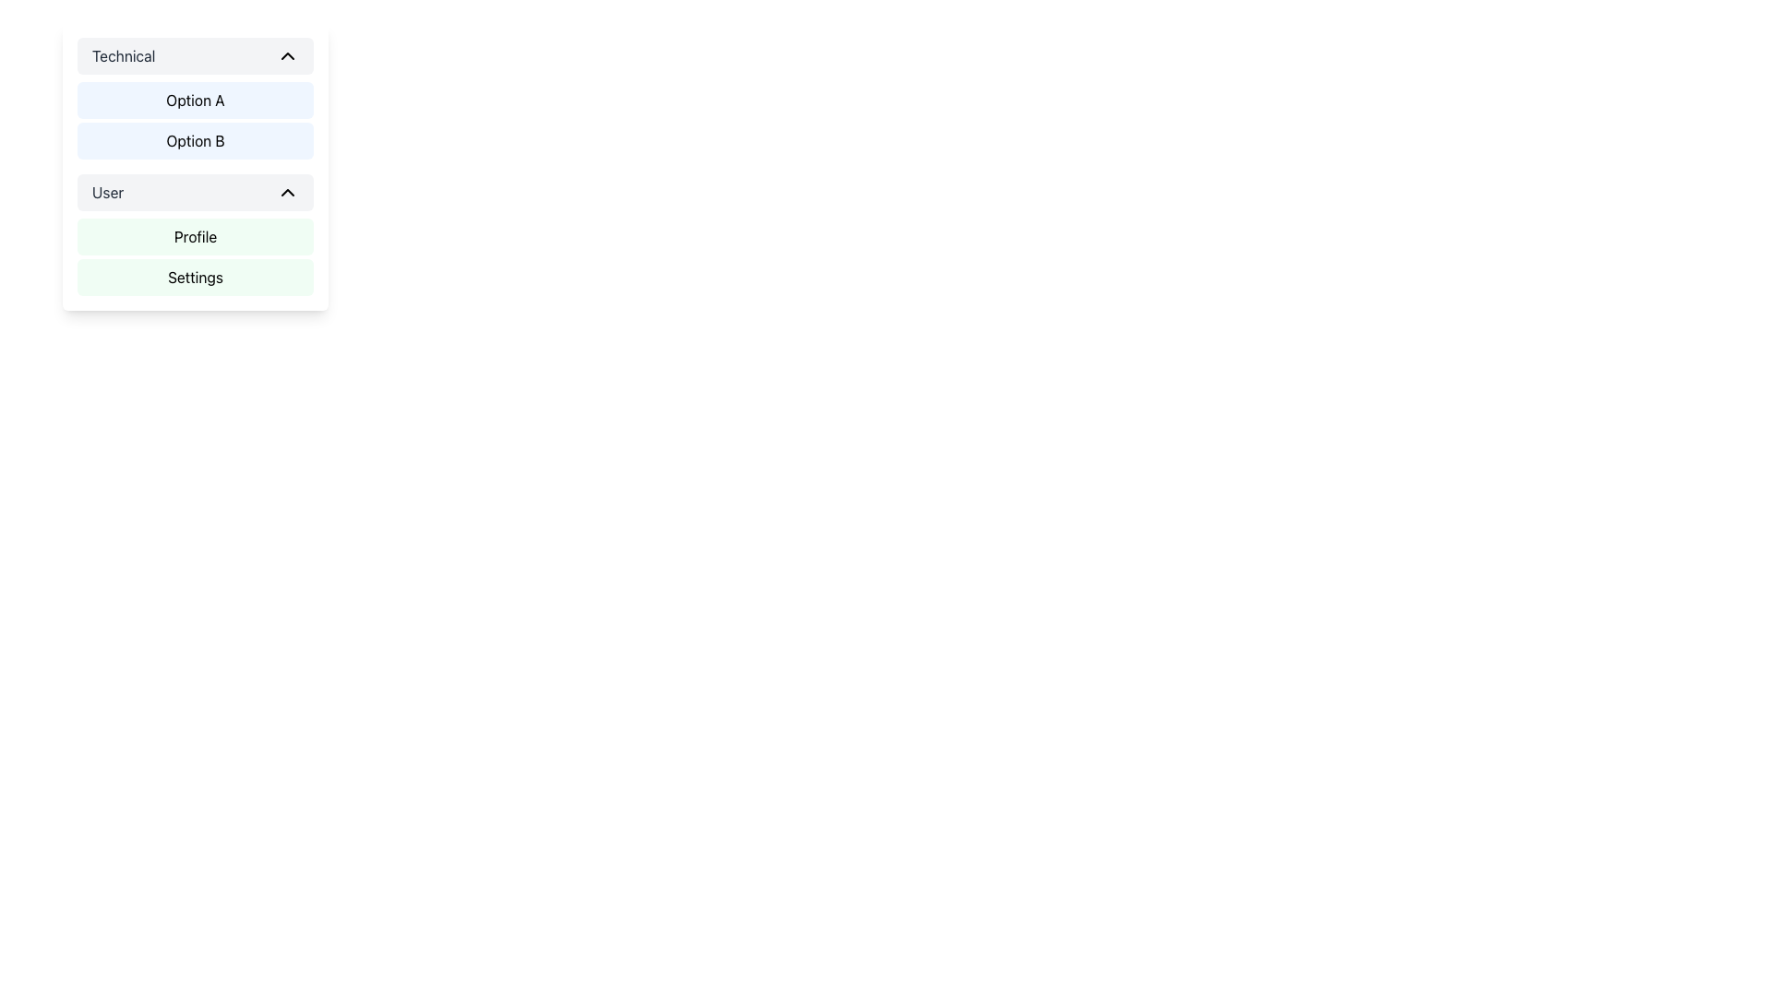 The width and height of the screenshot is (1772, 996). What do you see at coordinates (287, 192) in the screenshot?
I see `the upward-pointing chevron icon button on the right end of the 'User' button` at bounding box center [287, 192].